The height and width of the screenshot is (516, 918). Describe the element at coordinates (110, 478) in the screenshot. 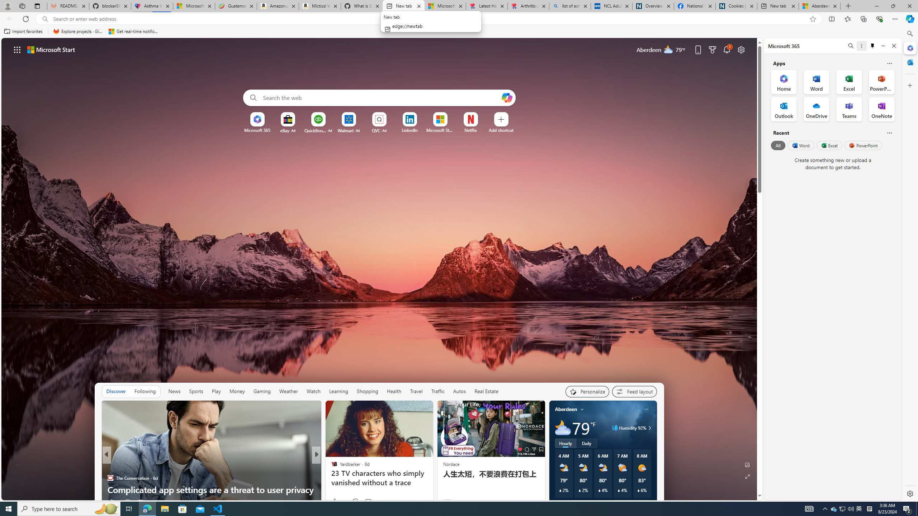

I see `'The Conversation'` at that location.